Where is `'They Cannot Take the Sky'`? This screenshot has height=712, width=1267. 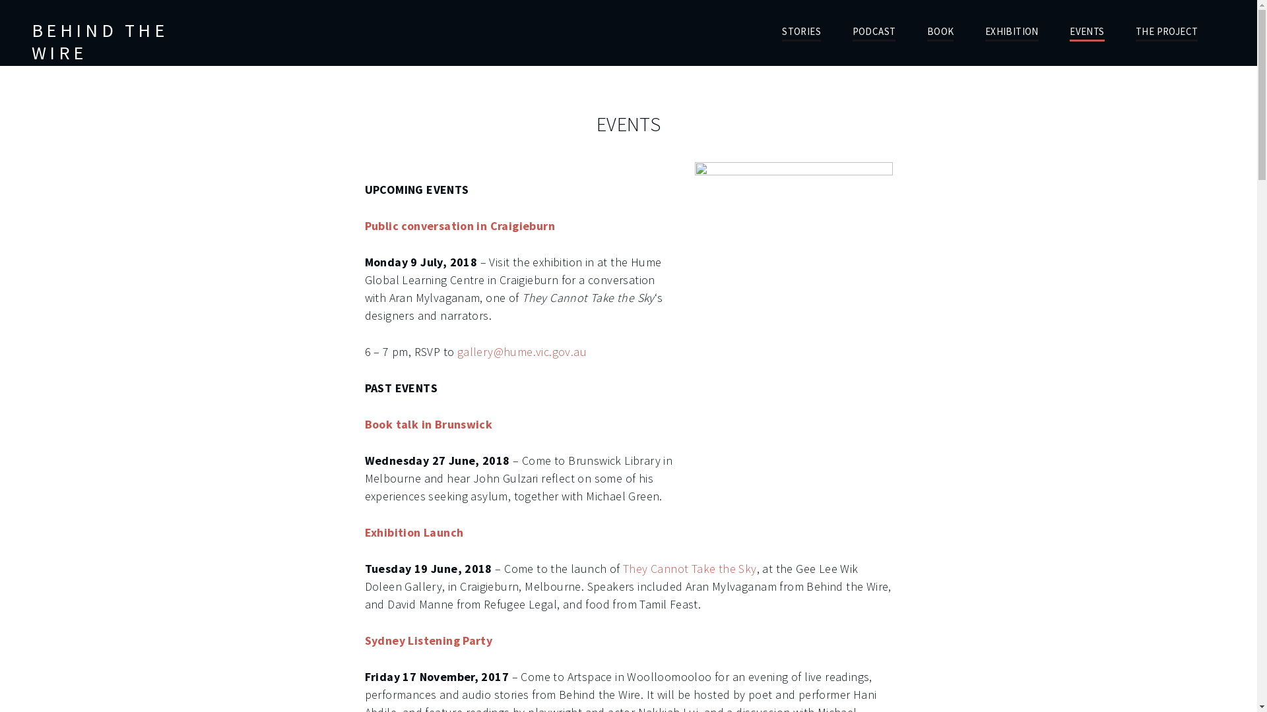 'They Cannot Take the Sky' is located at coordinates (622, 568).